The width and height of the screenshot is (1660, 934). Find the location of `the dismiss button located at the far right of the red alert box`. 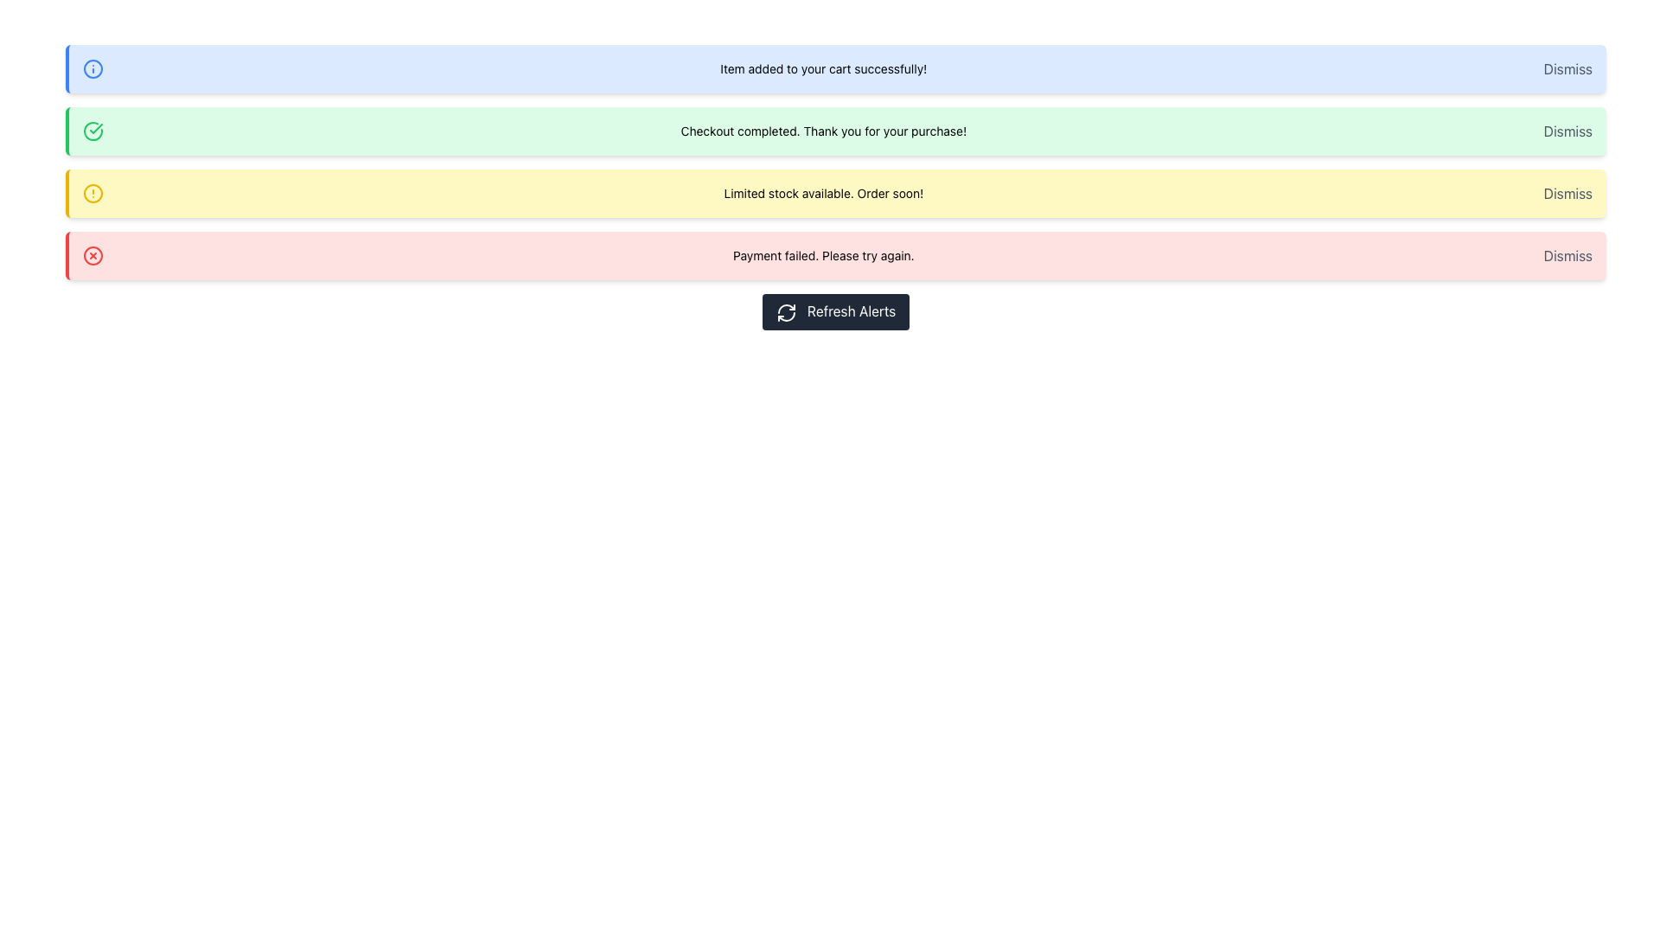

the dismiss button located at the far right of the red alert box is located at coordinates (1567, 256).